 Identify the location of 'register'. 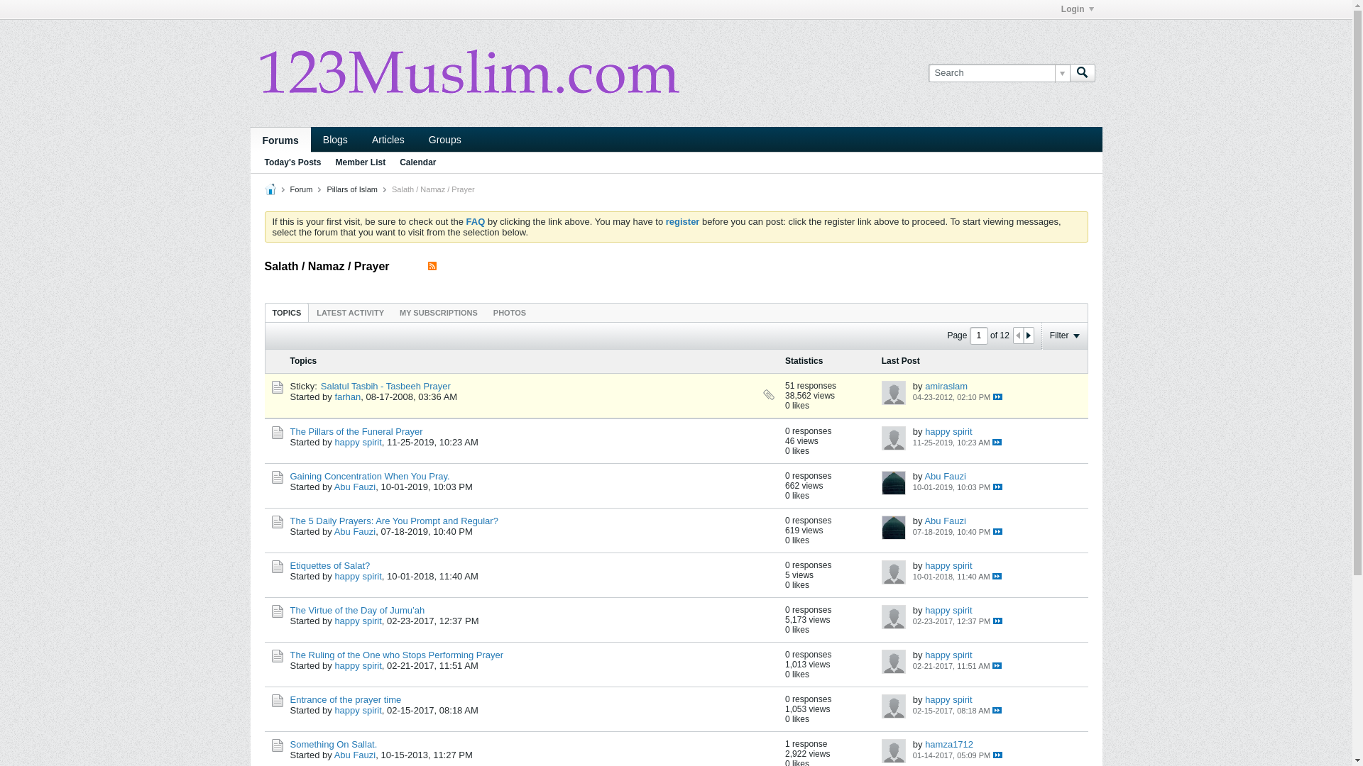
(682, 221).